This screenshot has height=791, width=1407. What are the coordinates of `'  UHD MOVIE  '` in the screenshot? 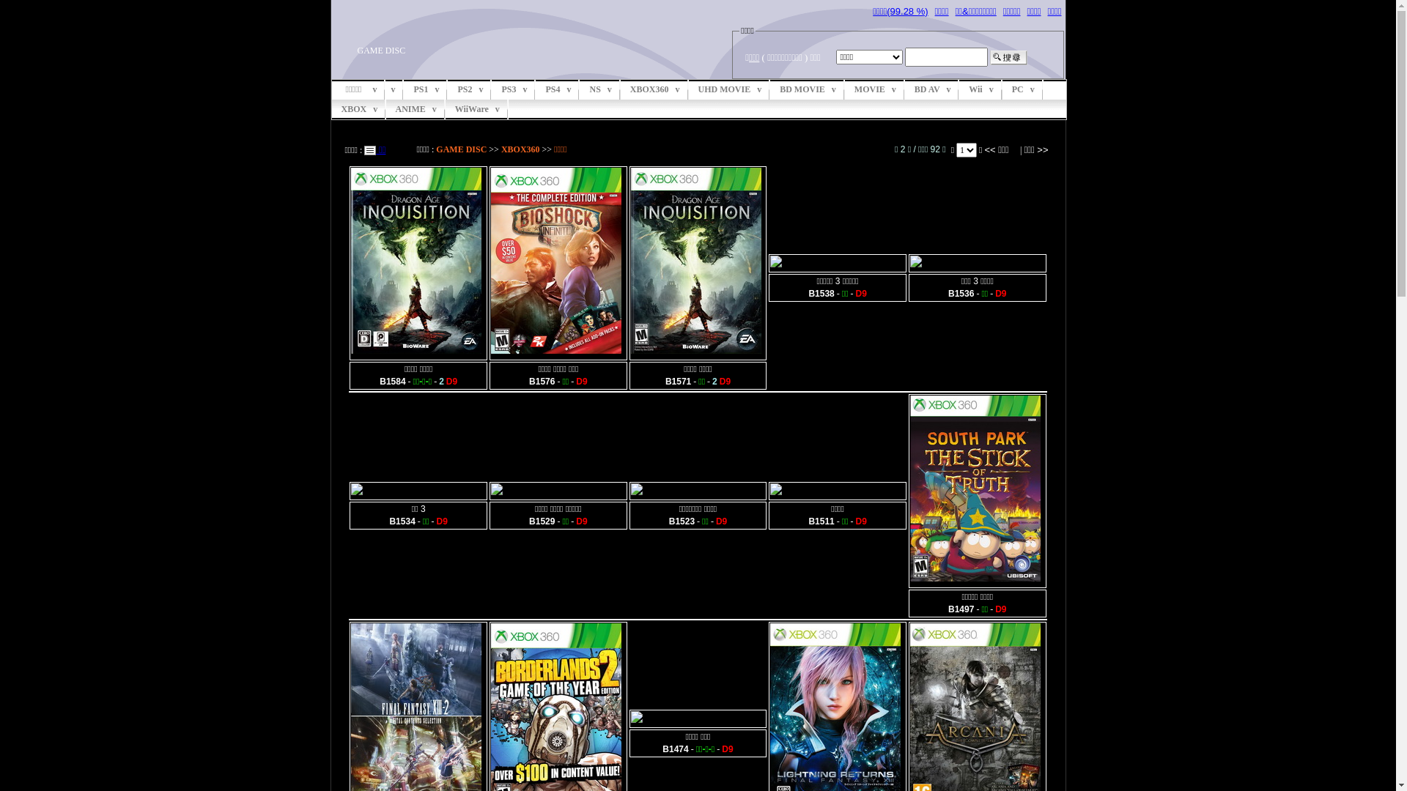 It's located at (730, 89).